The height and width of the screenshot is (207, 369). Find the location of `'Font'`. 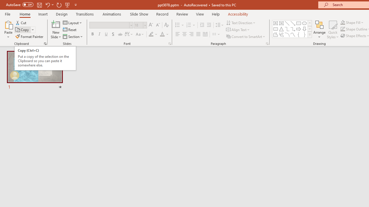

'Font' is located at coordinates (111, 25).